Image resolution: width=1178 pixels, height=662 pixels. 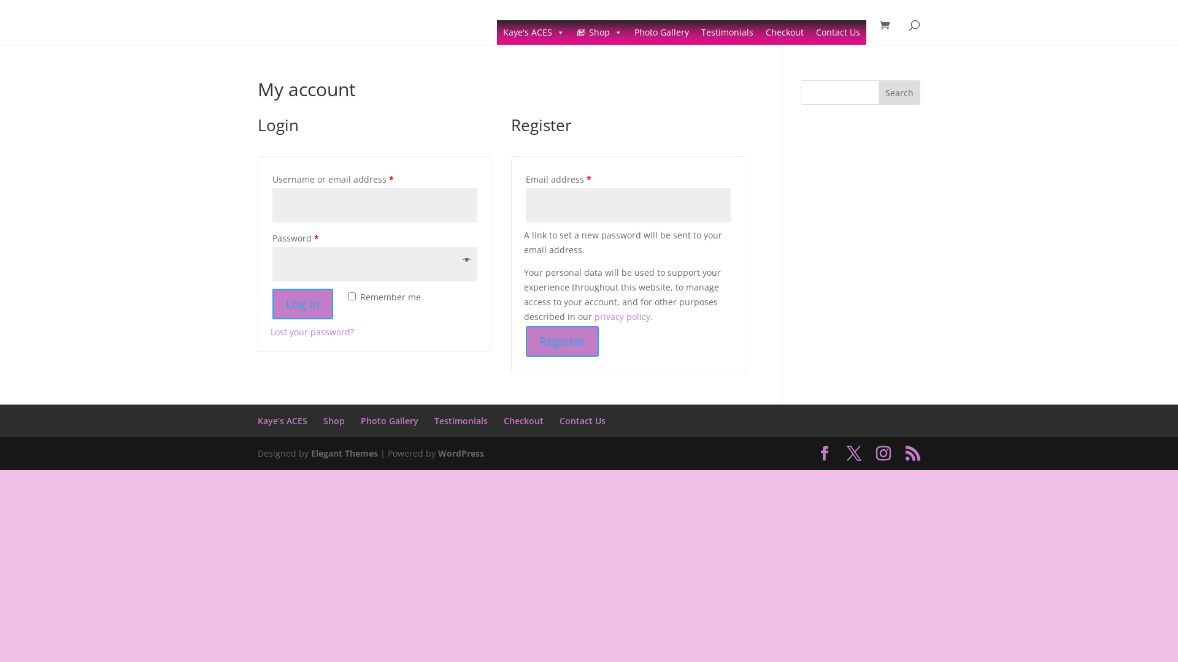 What do you see at coordinates (344, 453) in the screenshot?
I see `'Elegant Themes'` at bounding box center [344, 453].